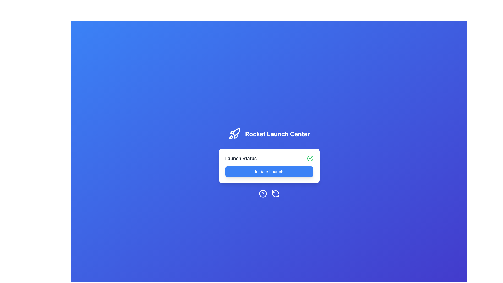  I want to click on the decorative rocket launch icon located to the left of the text 'Rocket Launch Center' near the top center of the interface, so click(234, 133).